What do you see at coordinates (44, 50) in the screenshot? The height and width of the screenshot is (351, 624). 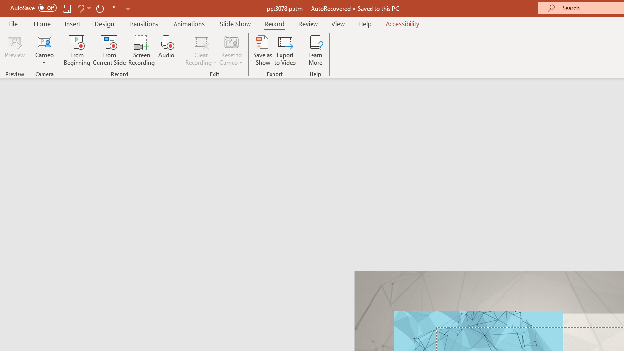 I see `'Cameo'` at bounding box center [44, 50].